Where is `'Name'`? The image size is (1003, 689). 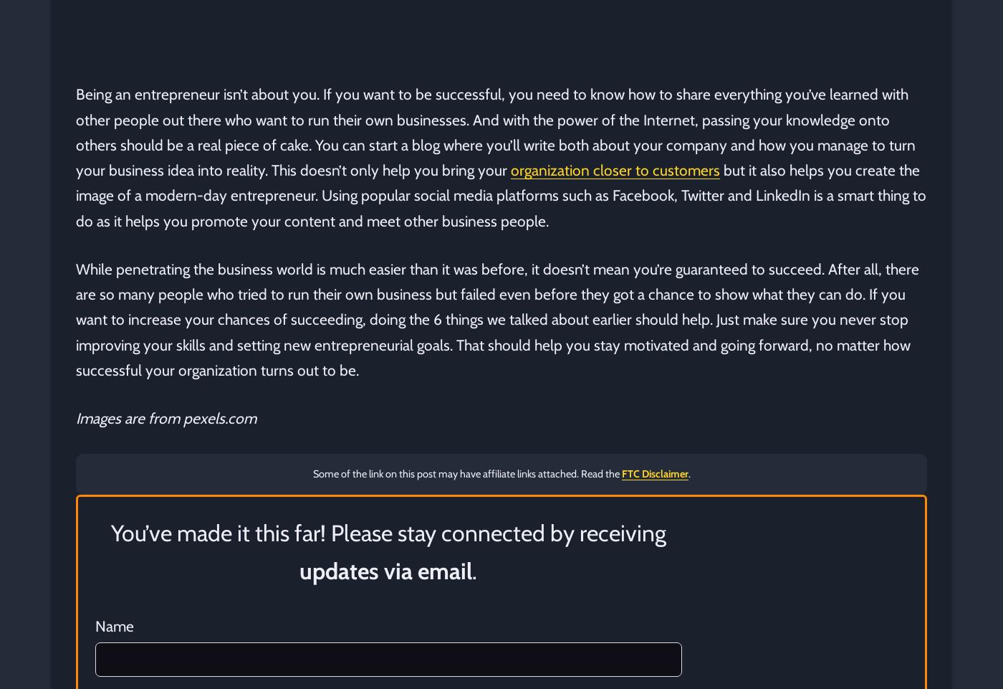 'Name' is located at coordinates (115, 625).